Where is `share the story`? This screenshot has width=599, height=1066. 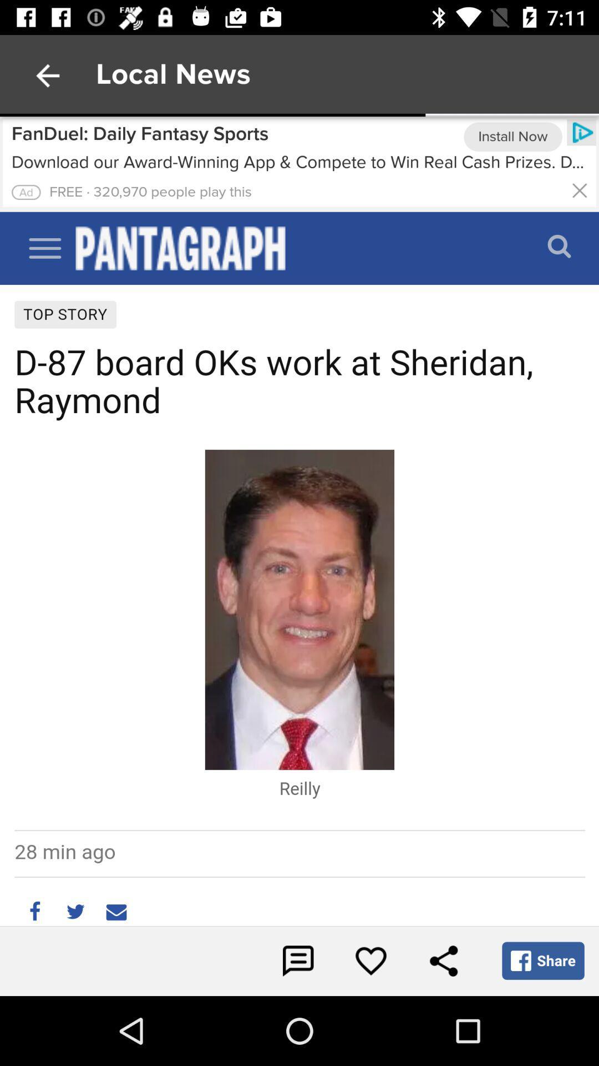
share the story is located at coordinates (443, 961).